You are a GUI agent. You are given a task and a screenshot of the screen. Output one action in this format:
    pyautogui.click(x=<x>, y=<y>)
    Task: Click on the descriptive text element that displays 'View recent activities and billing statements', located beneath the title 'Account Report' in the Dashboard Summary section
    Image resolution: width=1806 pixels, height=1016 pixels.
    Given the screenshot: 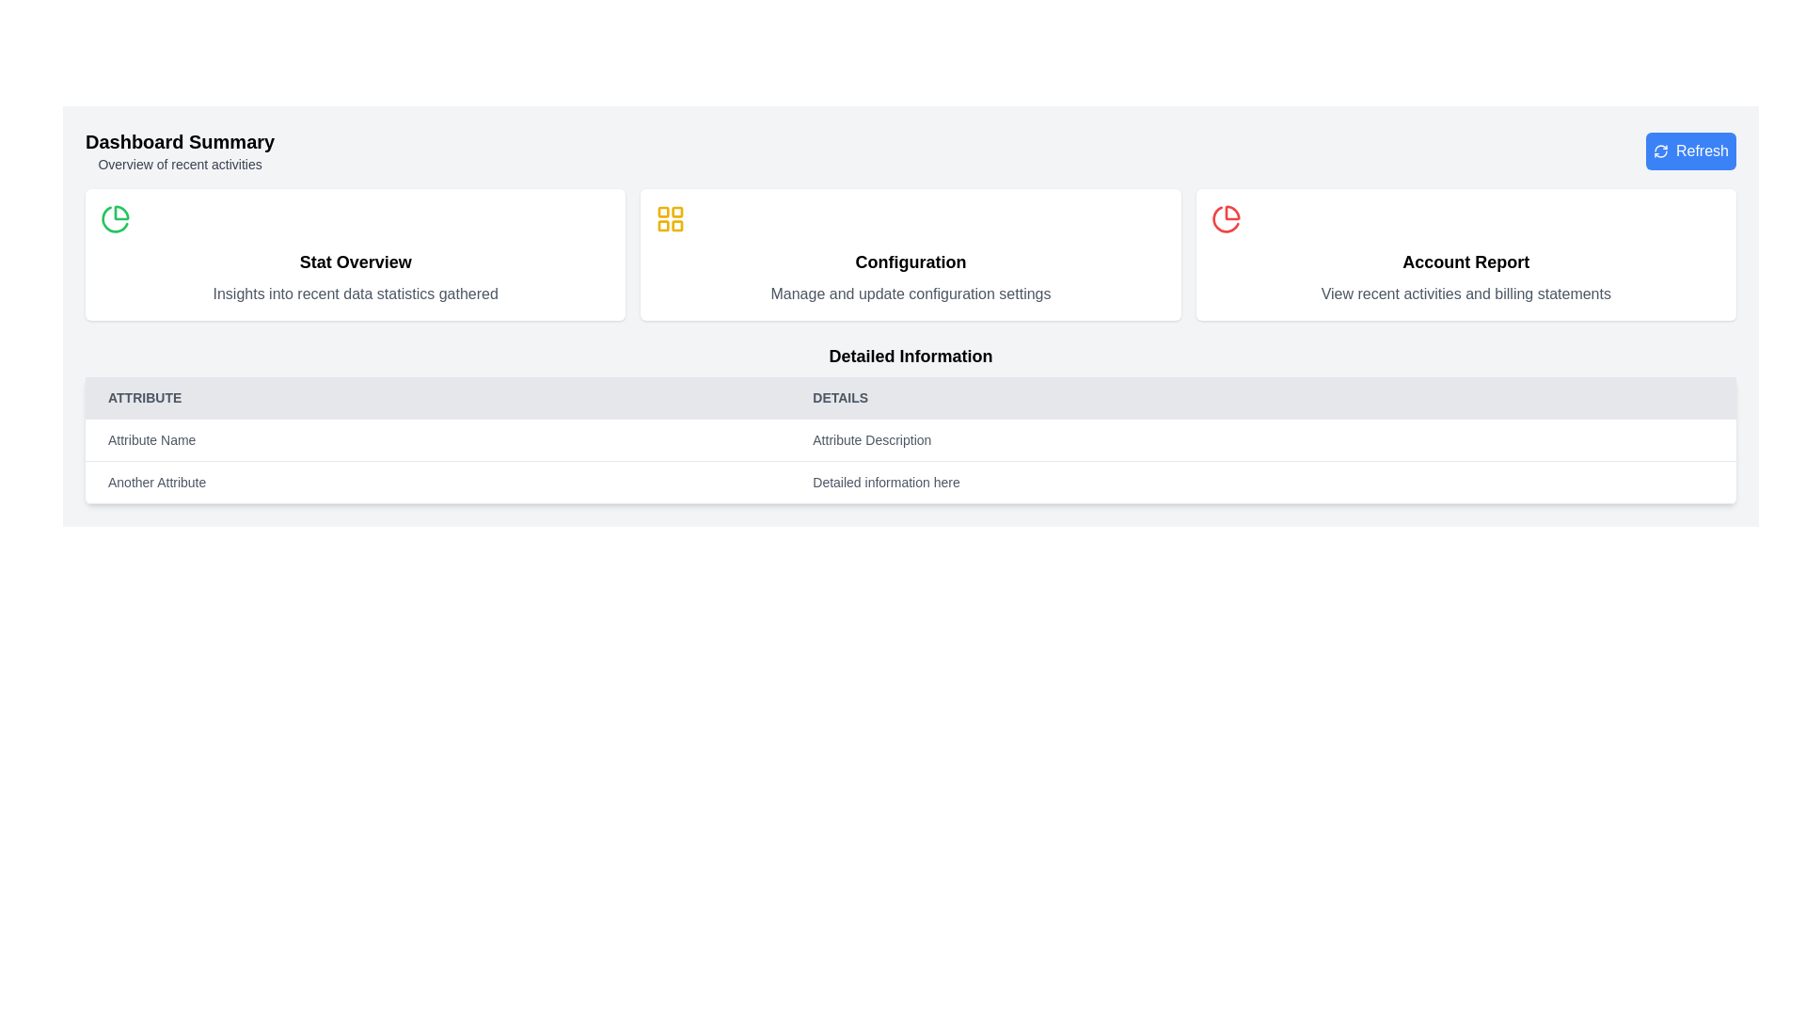 What is the action you would take?
    pyautogui.click(x=1465, y=294)
    